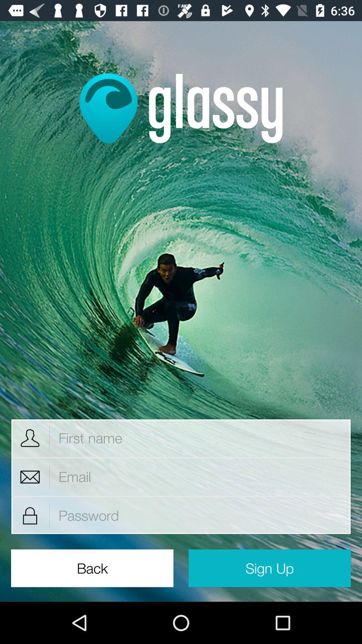 Image resolution: width=362 pixels, height=644 pixels. What do you see at coordinates (269, 568) in the screenshot?
I see `icon at the bottom right corner` at bounding box center [269, 568].